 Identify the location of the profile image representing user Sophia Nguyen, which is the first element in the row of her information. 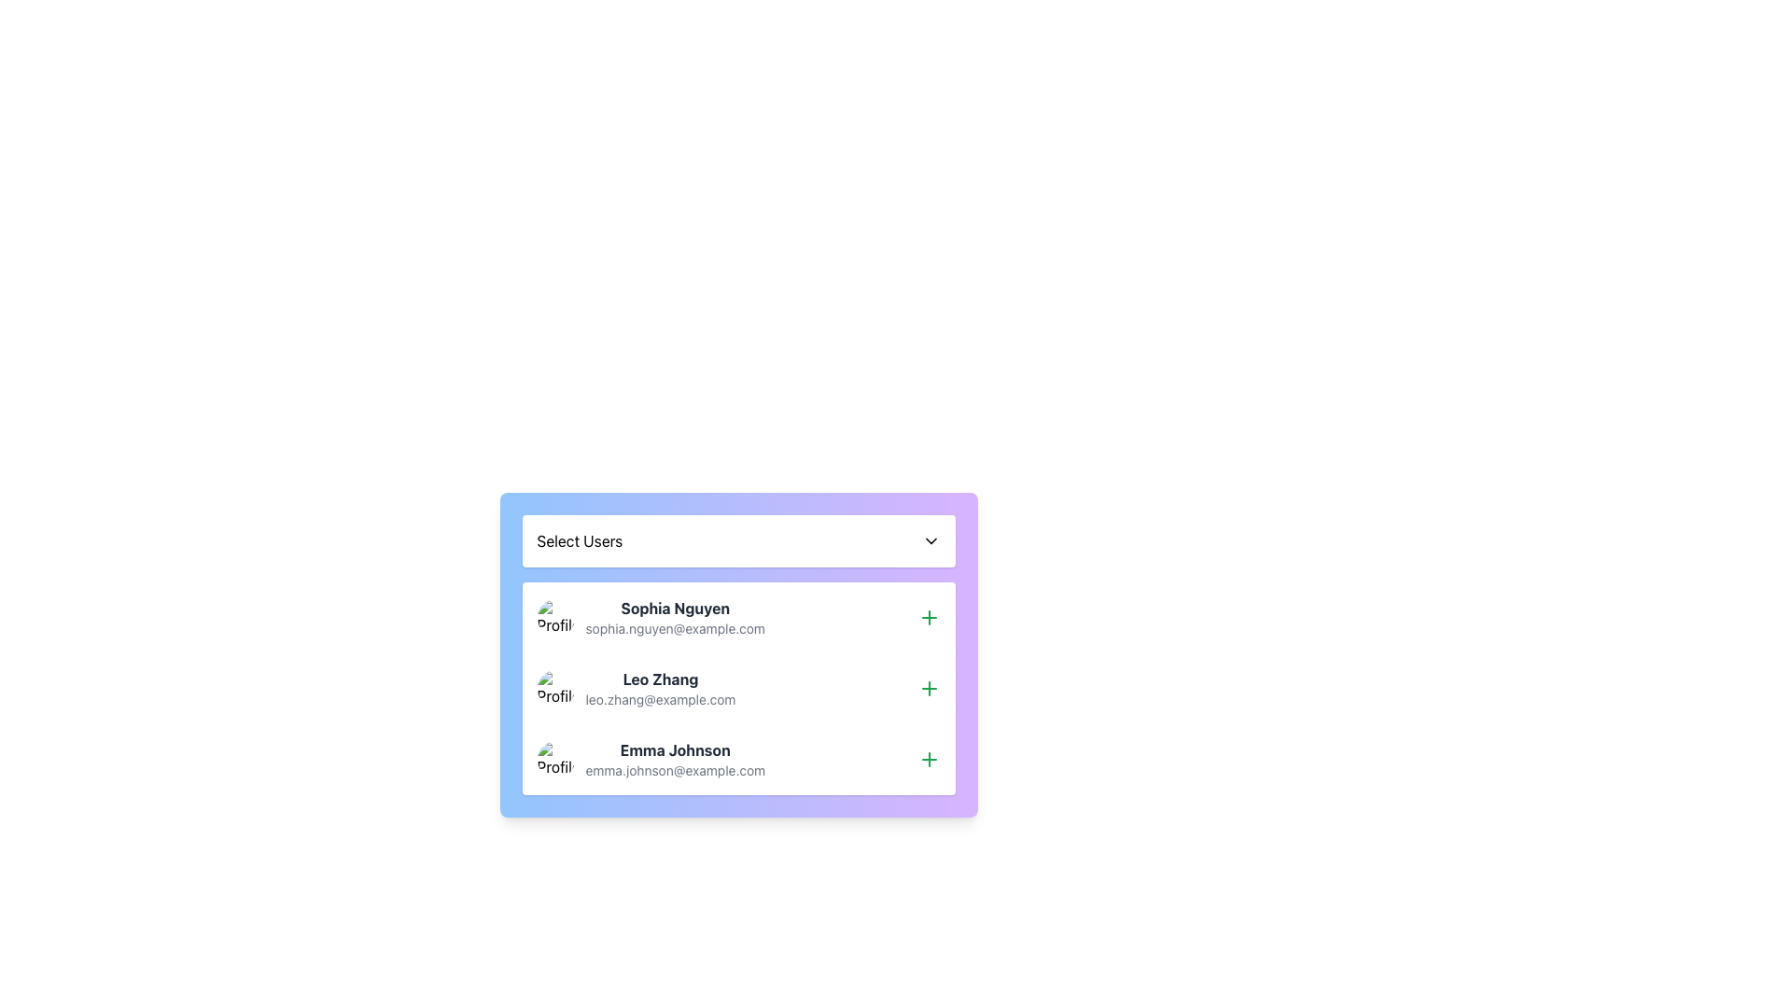
(554, 618).